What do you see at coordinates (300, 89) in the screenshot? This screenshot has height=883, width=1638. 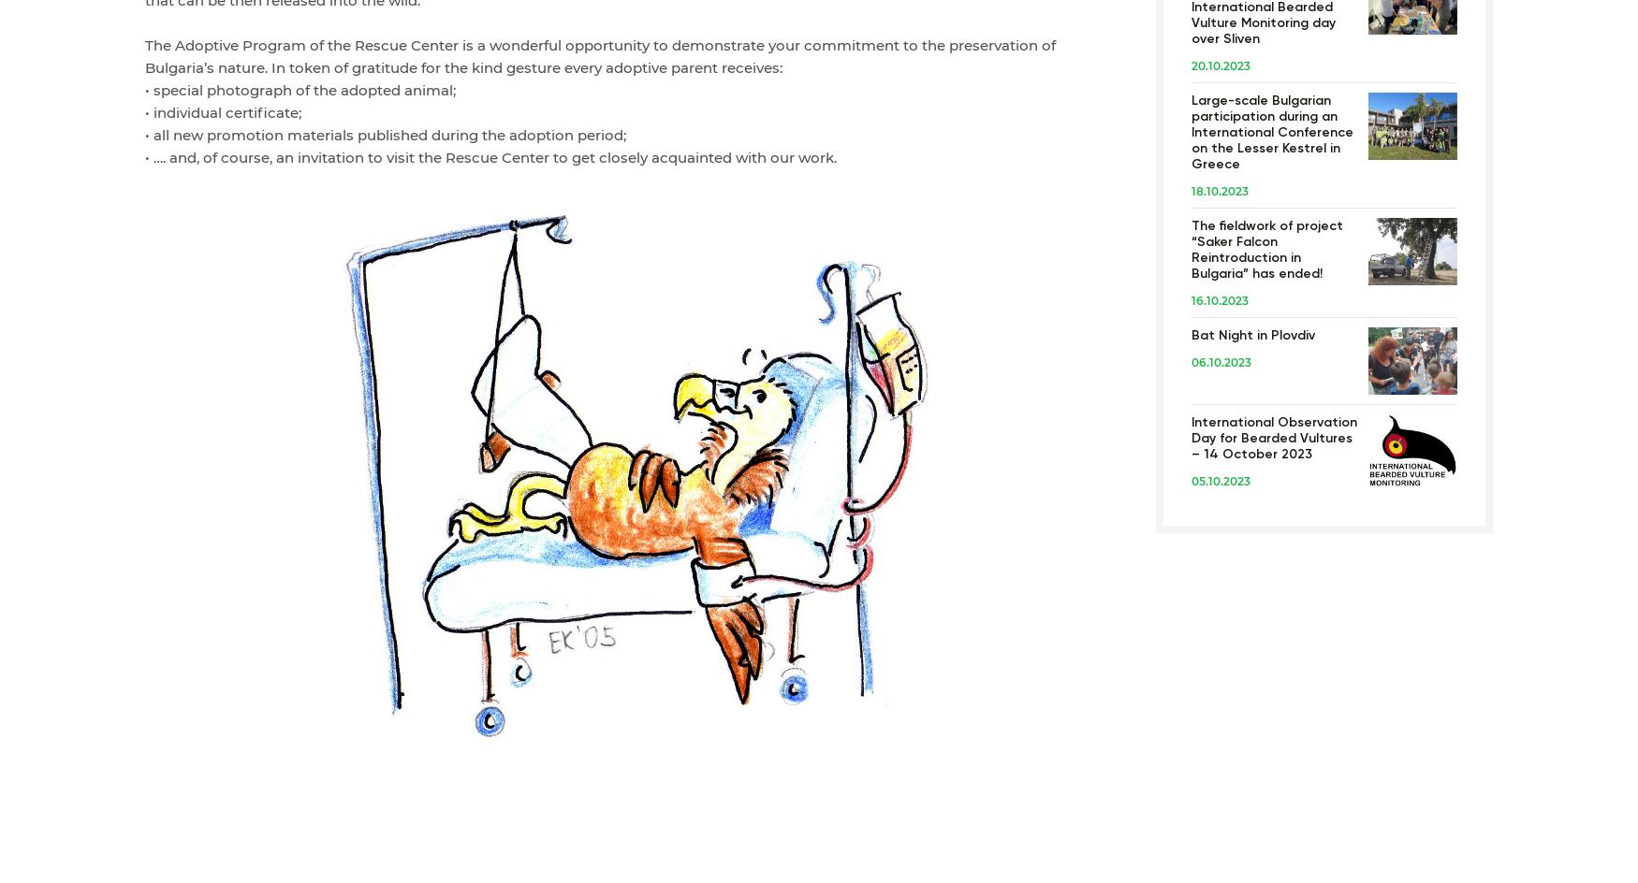 I see `'• special photograph of the adopted animal;'` at bounding box center [300, 89].